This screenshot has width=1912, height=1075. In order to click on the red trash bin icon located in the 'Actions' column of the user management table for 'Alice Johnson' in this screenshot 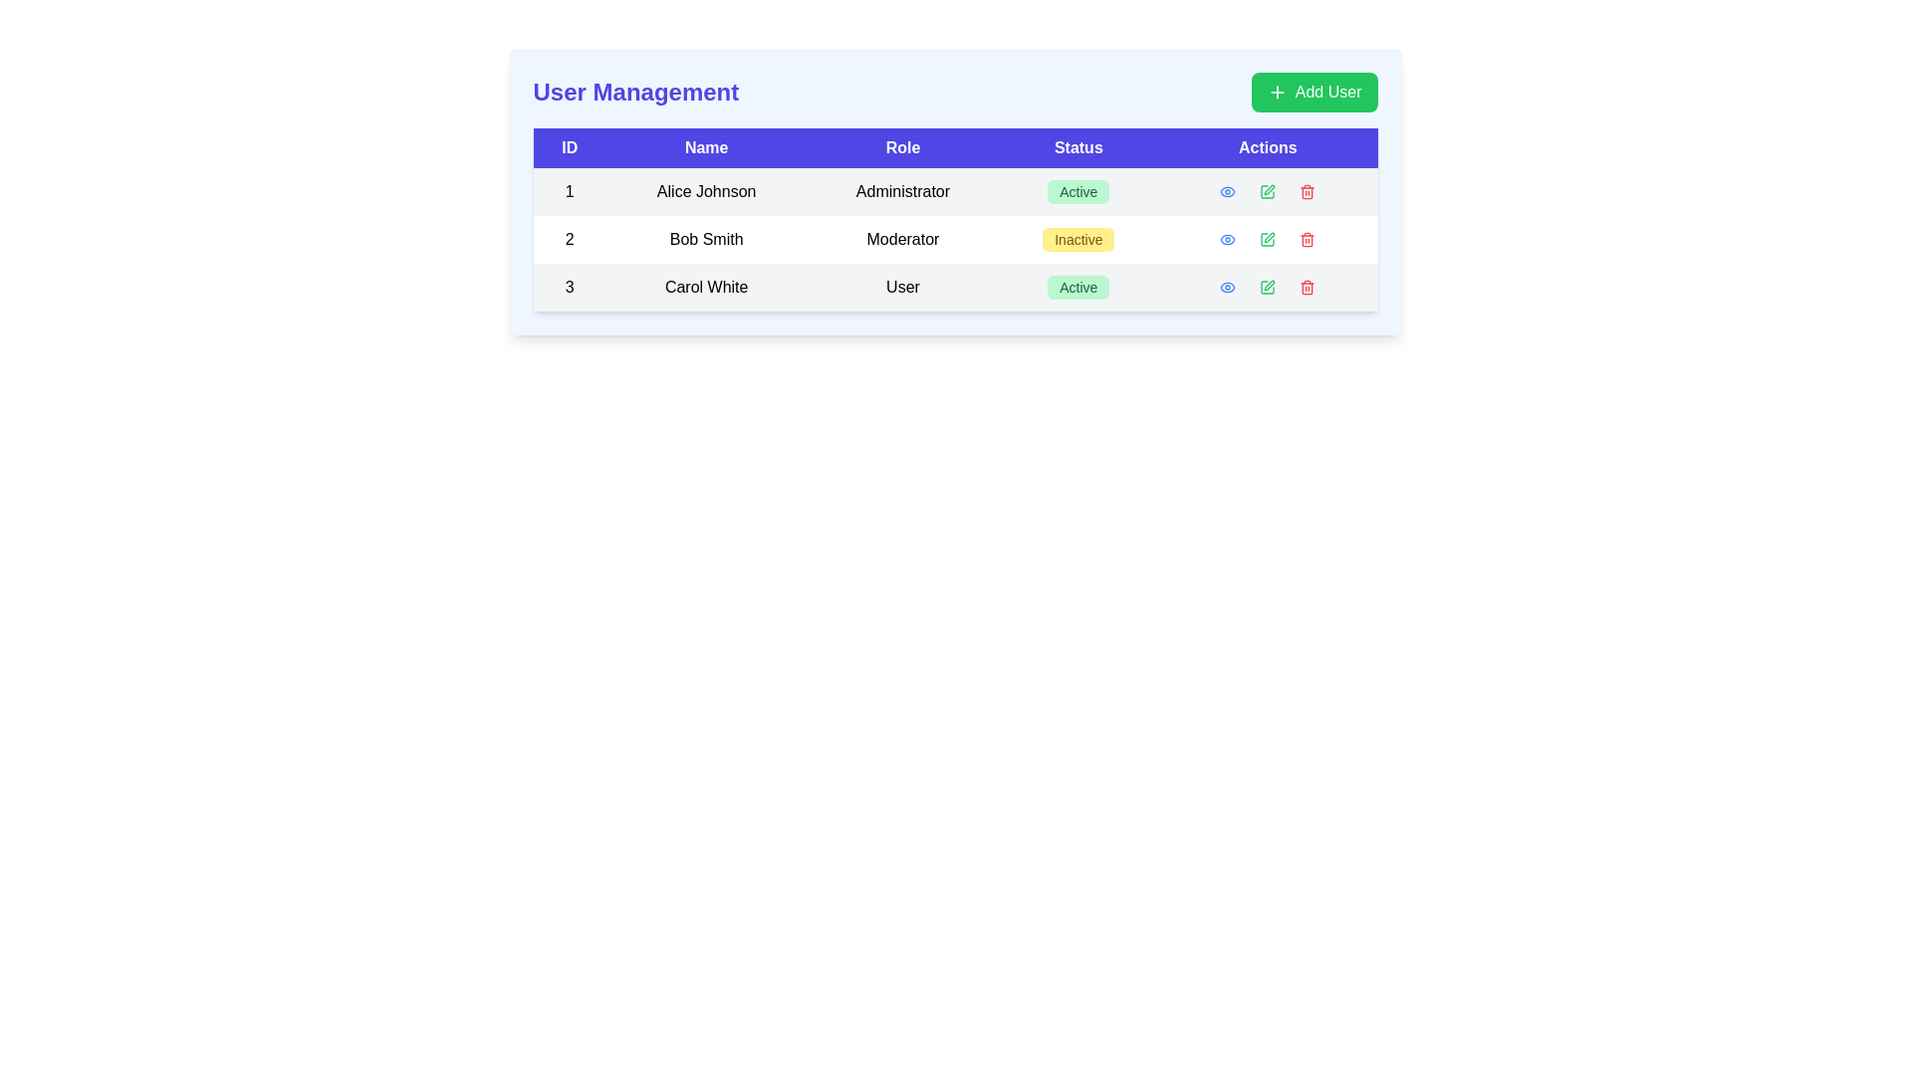, I will do `click(1308, 191)`.